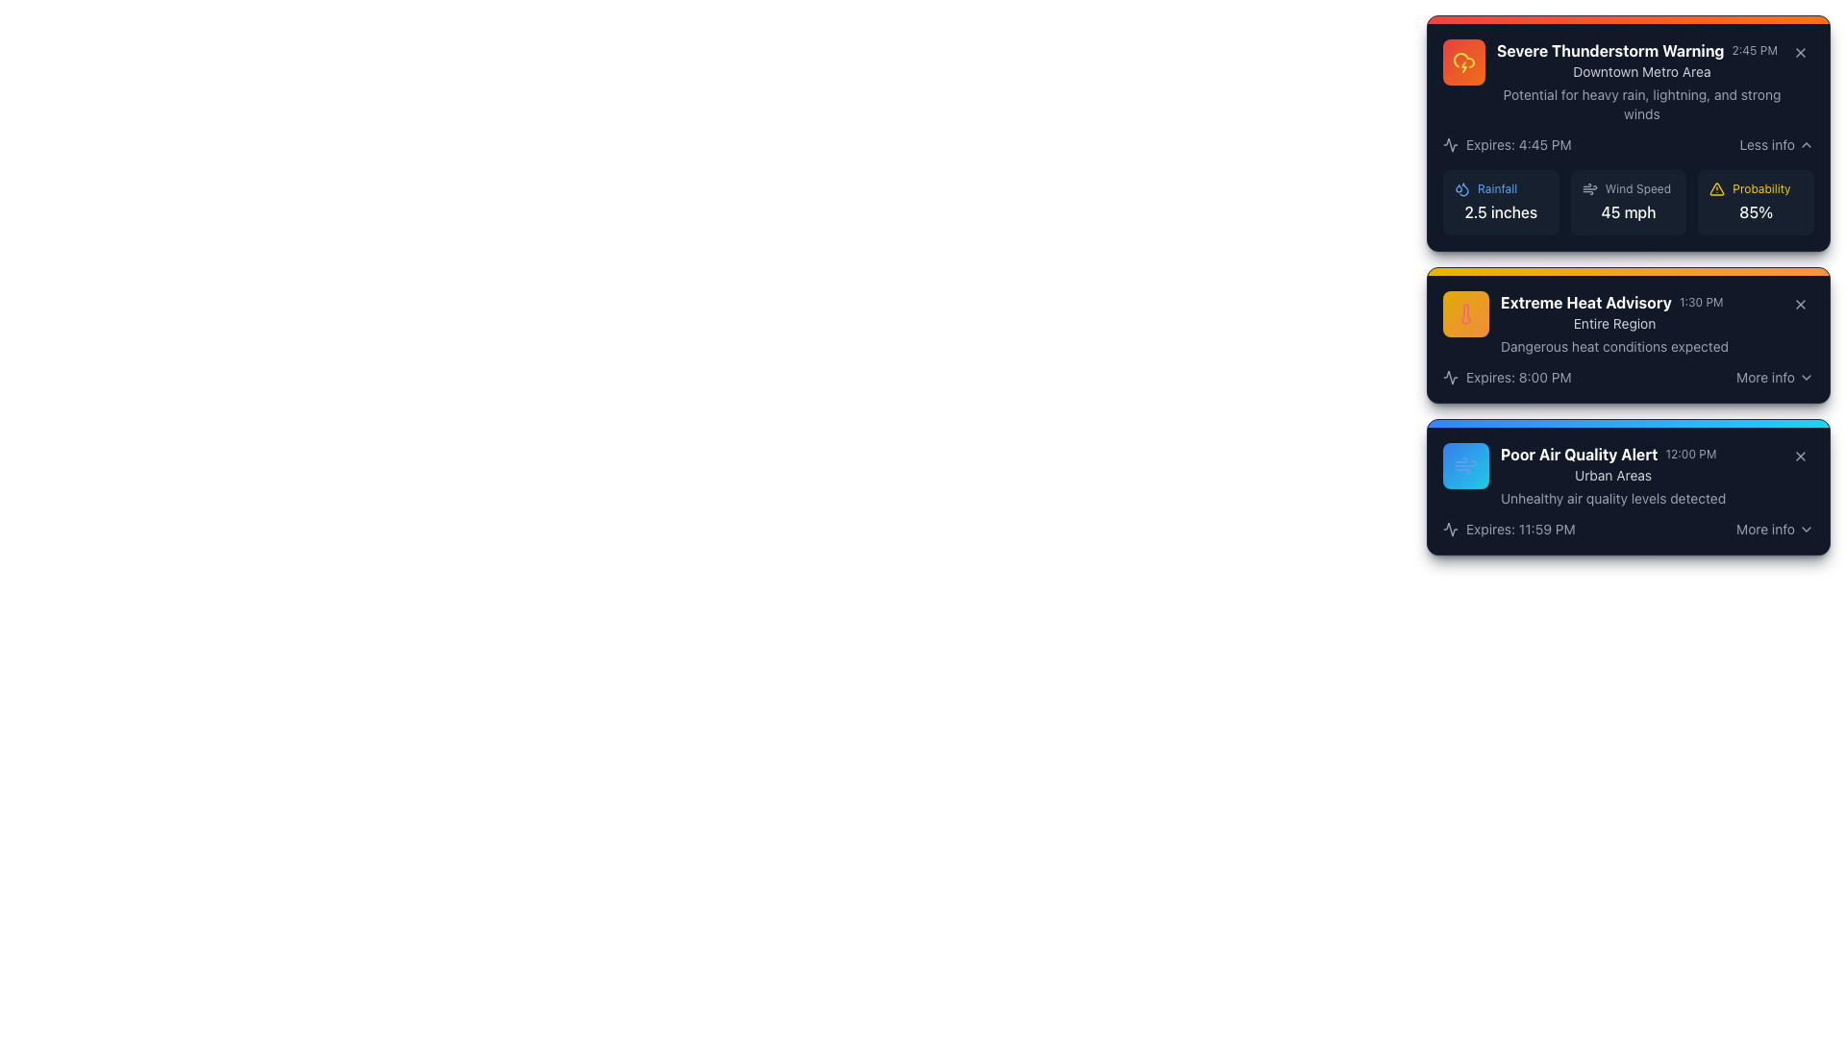 The image size is (1846, 1038). What do you see at coordinates (1756, 203) in the screenshot?
I see `the information display that shows a warning icon, the label 'Probability' in yellow text, and the value '85%' in large, bold white font, located in the rightmost section of a three-column layout inside a weather alert card` at bounding box center [1756, 203].